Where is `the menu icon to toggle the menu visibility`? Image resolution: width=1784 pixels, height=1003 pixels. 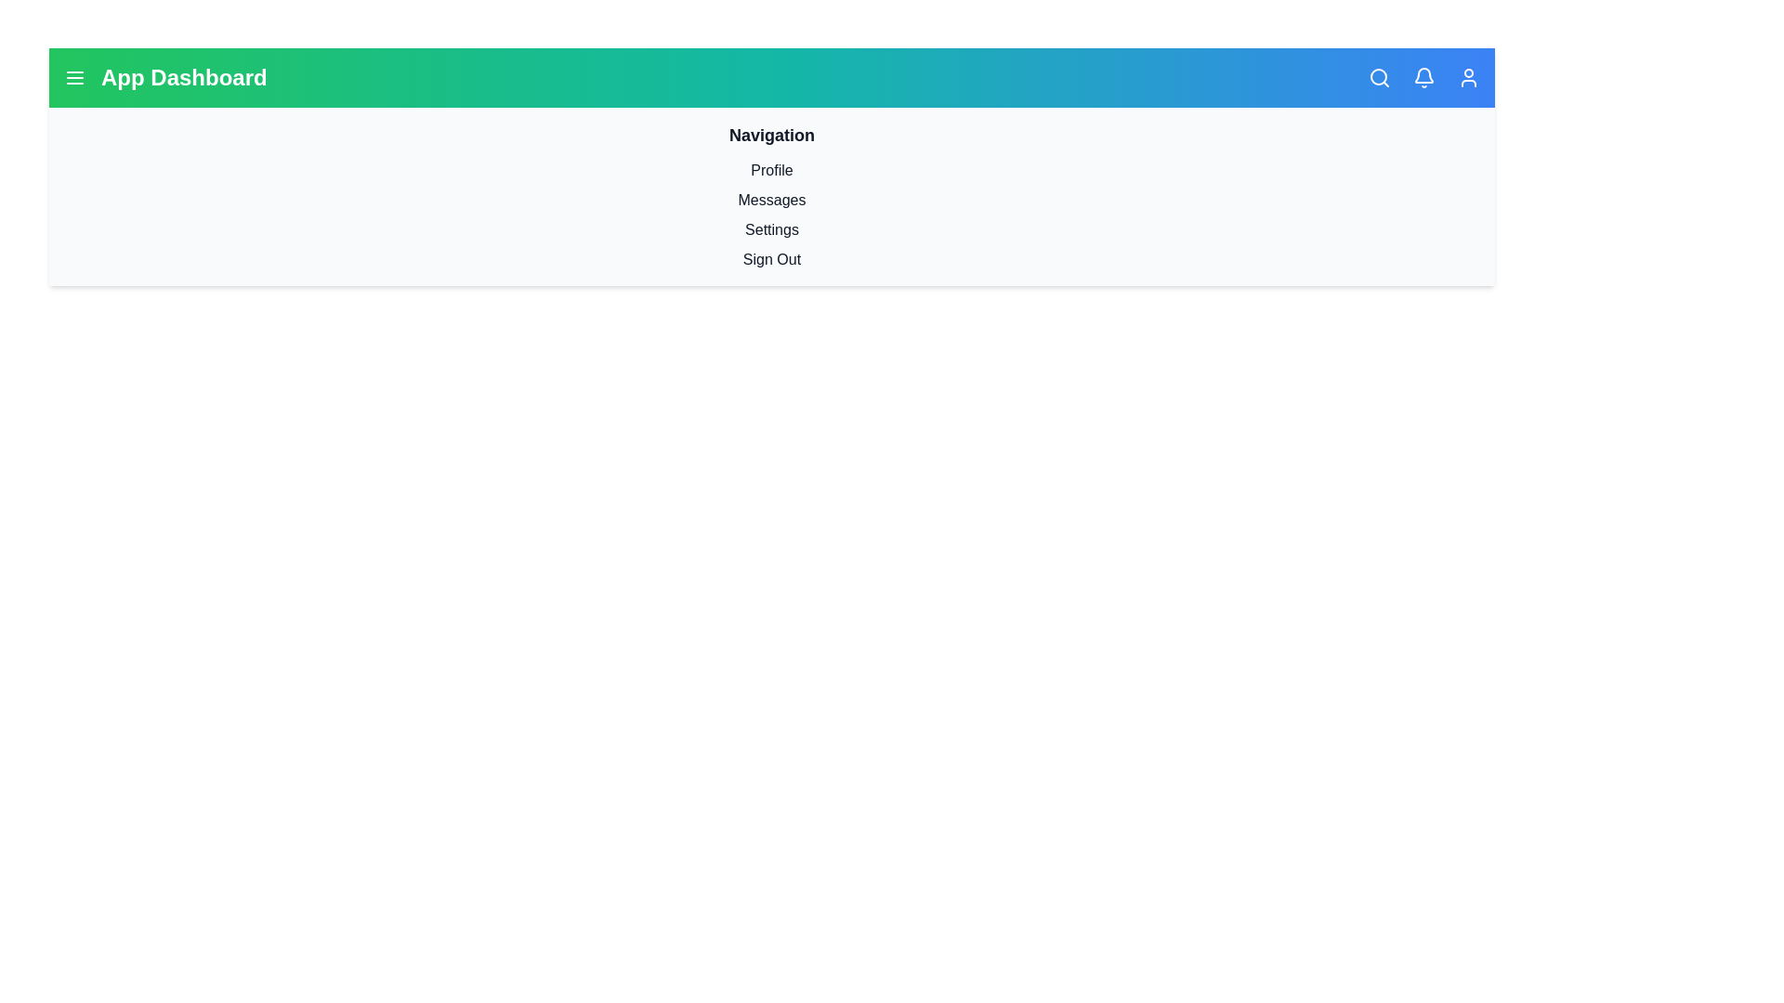
the menu icon to toggle the menu visibility is located at coordinates (74, 77).